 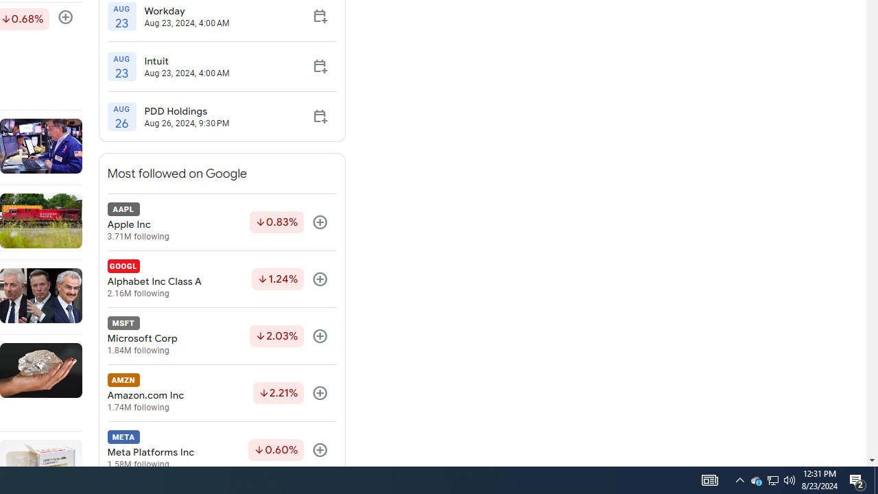 What do you see at coordinates (186, 10) in the screenshot?
I see `'Workday'` at bounding box center [186, 10].